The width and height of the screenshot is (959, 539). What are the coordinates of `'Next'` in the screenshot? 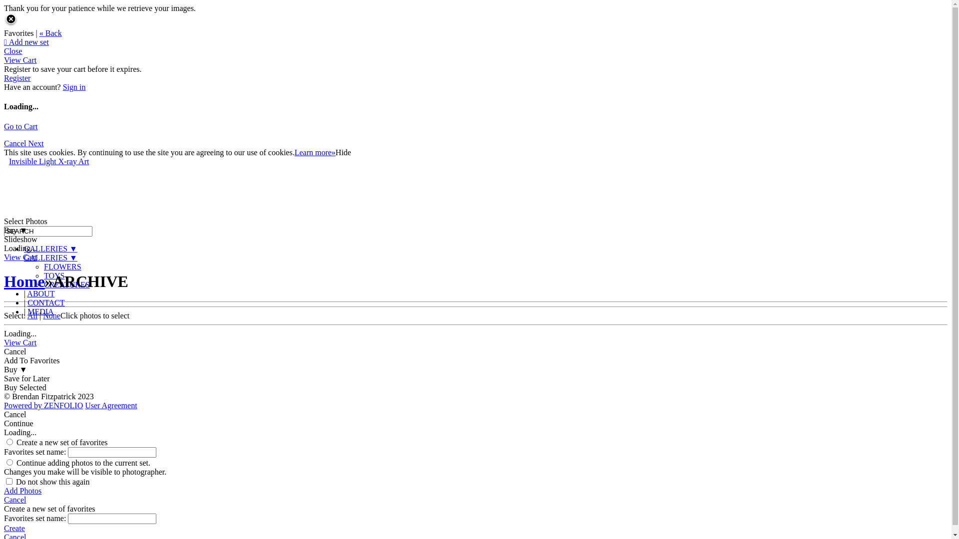 It's located at (28, 143).